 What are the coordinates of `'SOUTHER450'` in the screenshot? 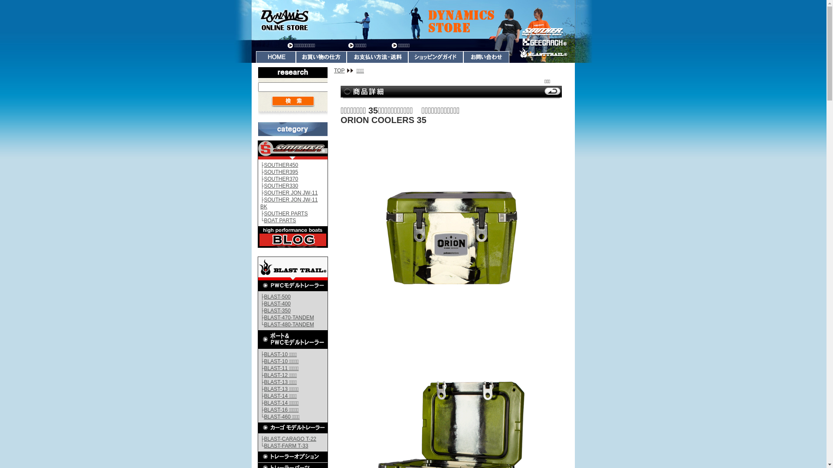 It's located at (281, 165).